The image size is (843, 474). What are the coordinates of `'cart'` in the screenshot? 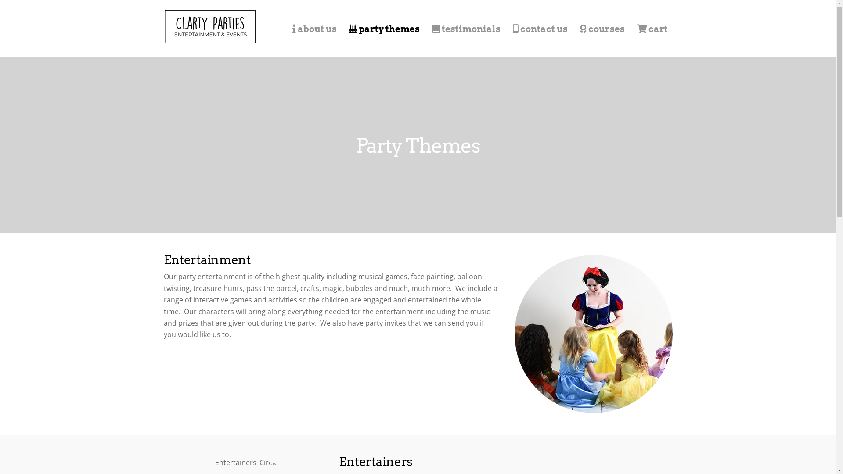 It's located at (652, 28).